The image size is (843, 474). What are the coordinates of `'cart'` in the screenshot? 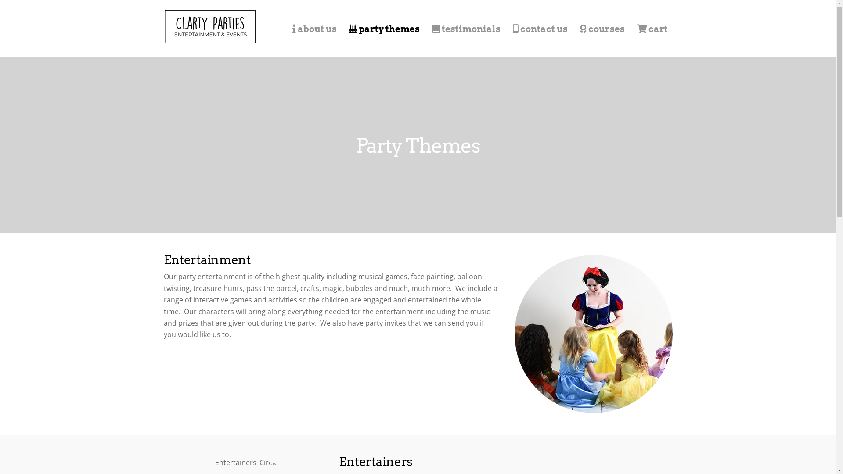 It's located at (652, 28).